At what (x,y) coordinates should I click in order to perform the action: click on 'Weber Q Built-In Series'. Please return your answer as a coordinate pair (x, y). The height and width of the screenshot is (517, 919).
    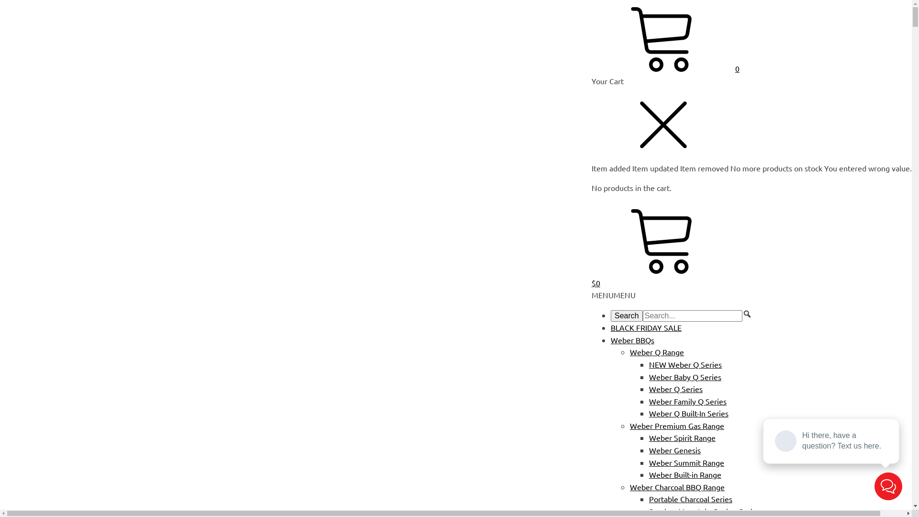
    Looking at the image, I should click on (688, 413).